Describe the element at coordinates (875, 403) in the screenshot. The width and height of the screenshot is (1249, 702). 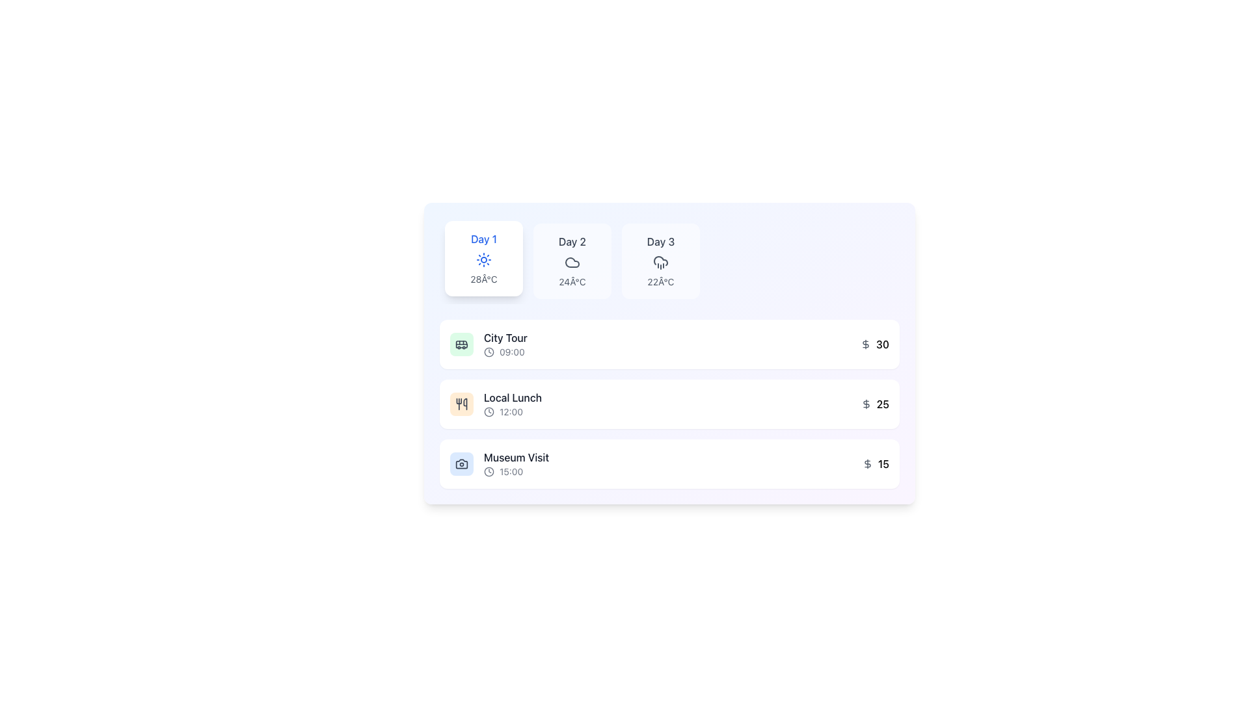
I see `the Text display element that shows the price indicator with a dollar sign and the number '25', which is located to the right of the 'Local Lunch' section` at that location.